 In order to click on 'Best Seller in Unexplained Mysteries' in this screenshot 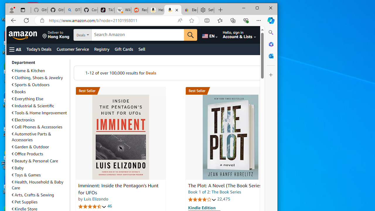, I will do `click(120, 91)`.